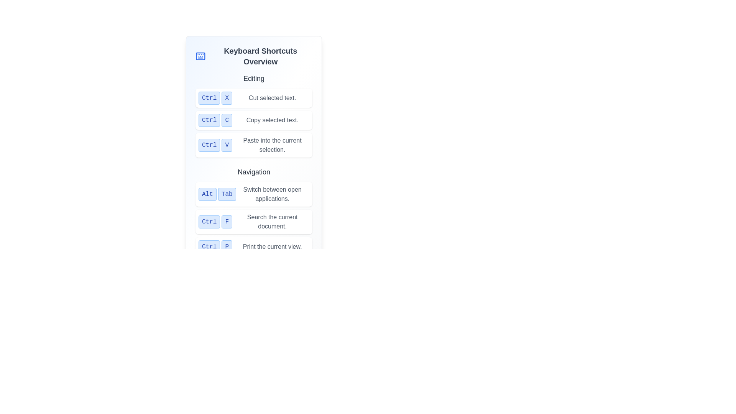  What do you see at coordinates (254, 145) in the screenshot?
I see `description text of the informational block for the keyboard shortcut 'Ctrl + V', which indicates its usage for pasting content` at bounding box center [254, 145].